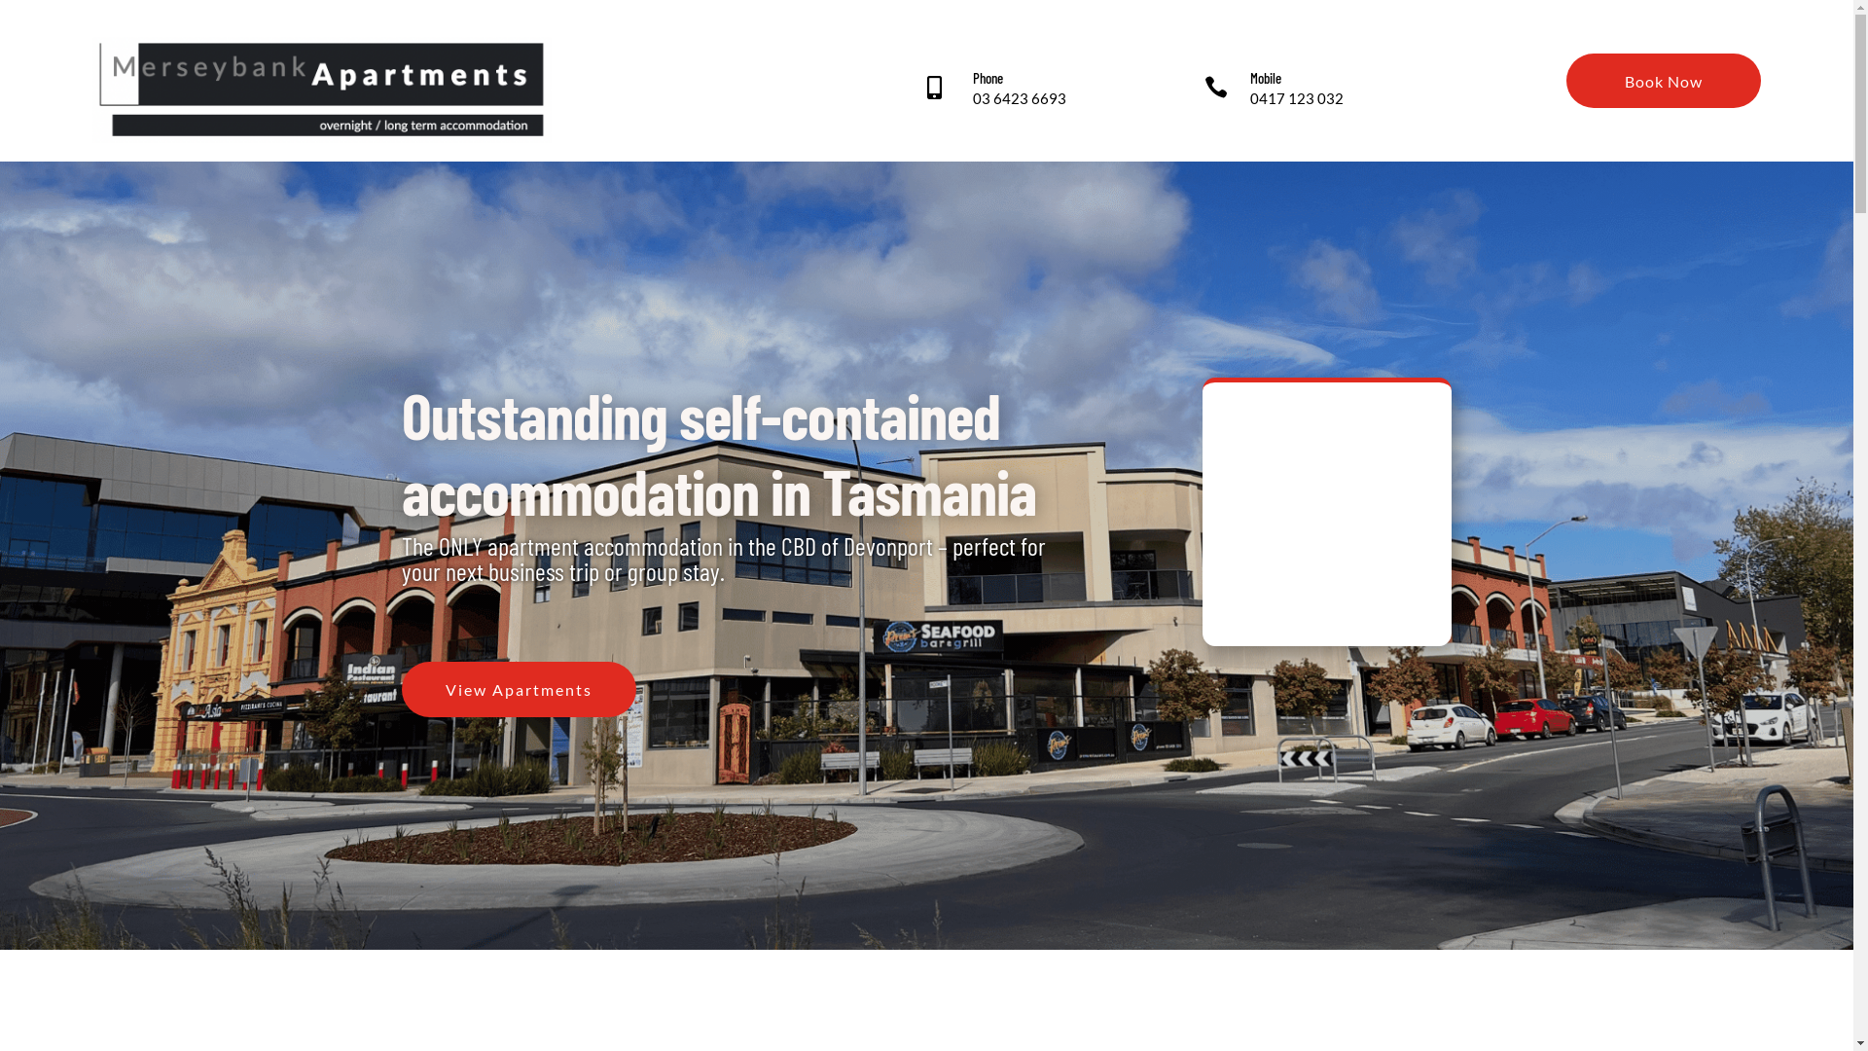  I want to click on 'Book Now', so click(1662, 80).